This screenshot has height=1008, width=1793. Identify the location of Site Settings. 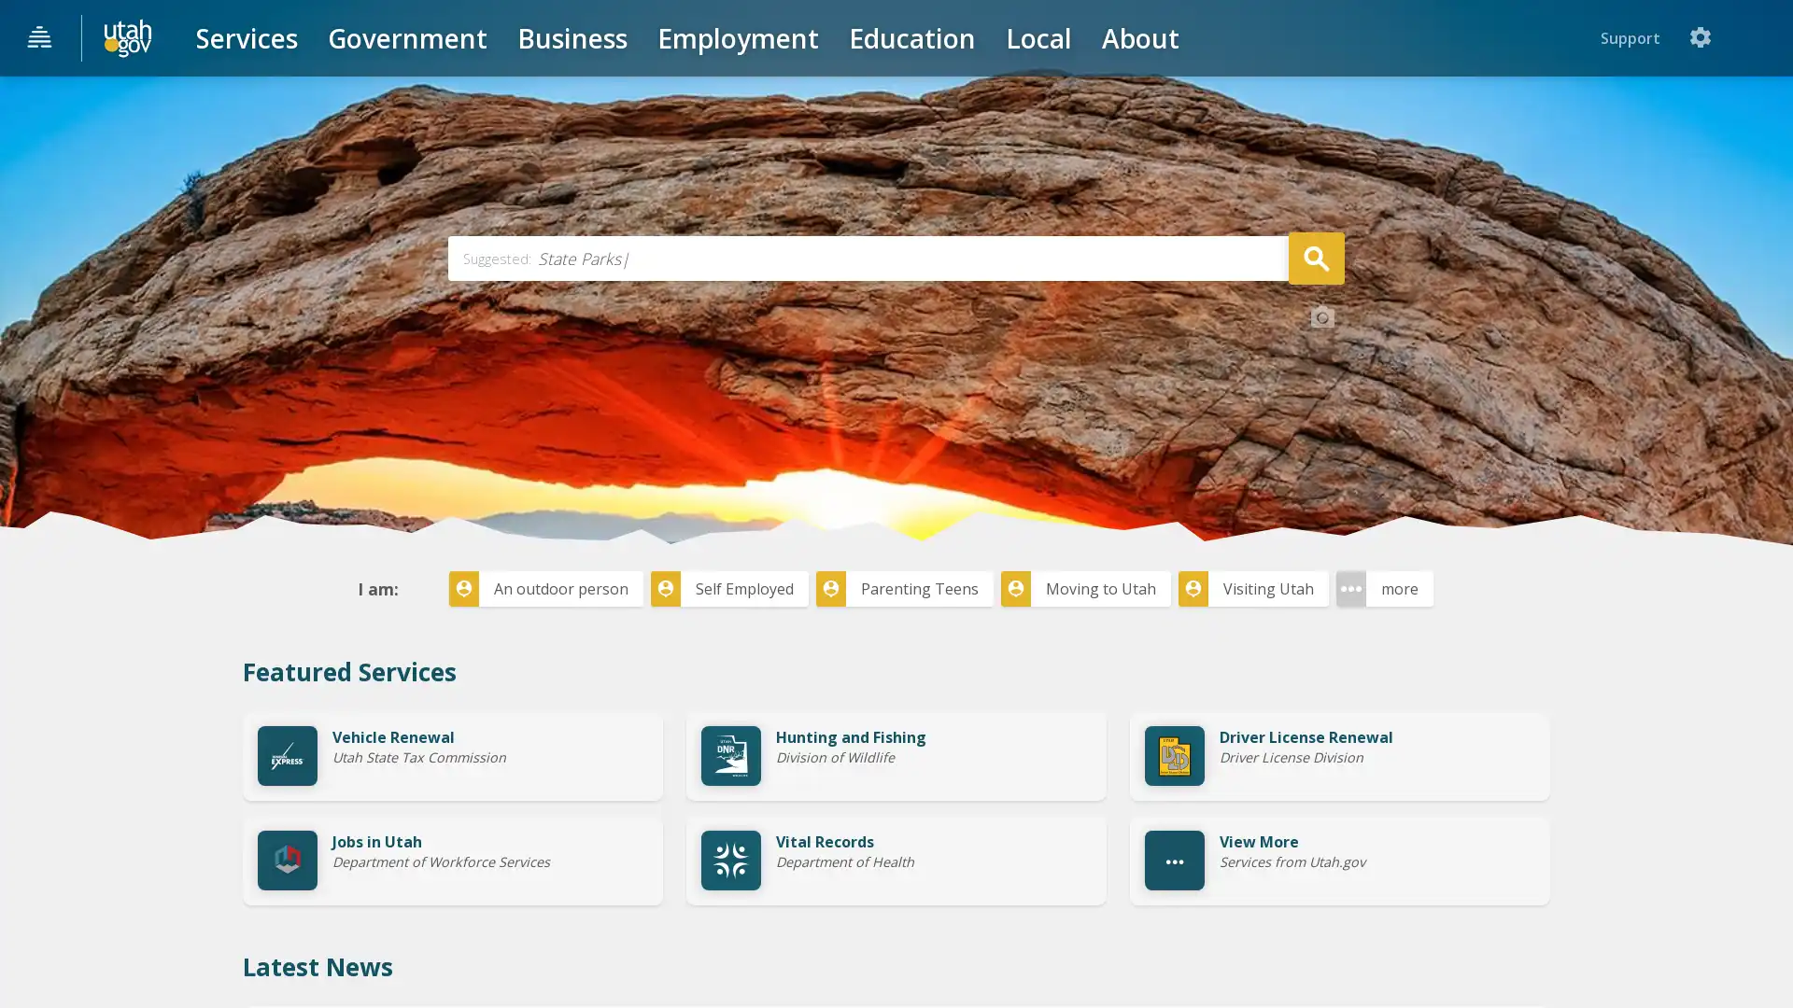
(1759, 37).